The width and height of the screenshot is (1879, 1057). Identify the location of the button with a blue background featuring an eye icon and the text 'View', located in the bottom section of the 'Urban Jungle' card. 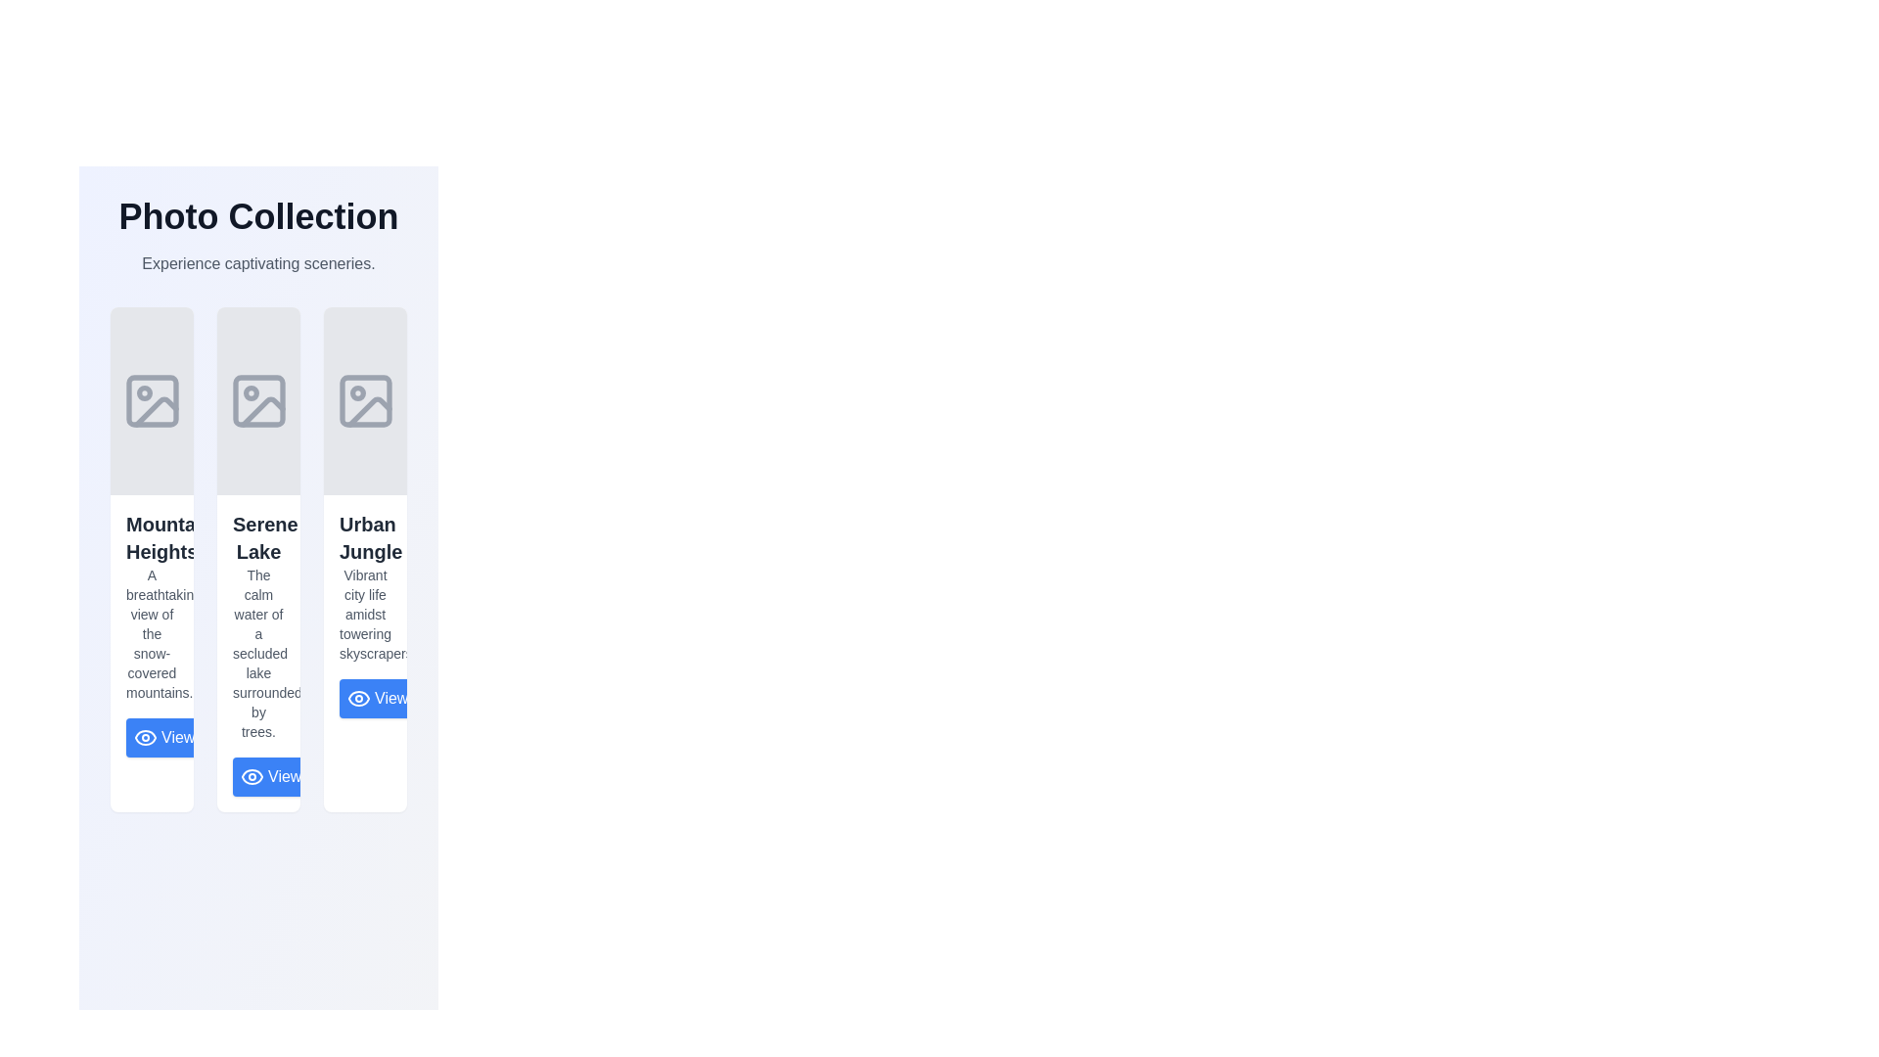
(365, 697).